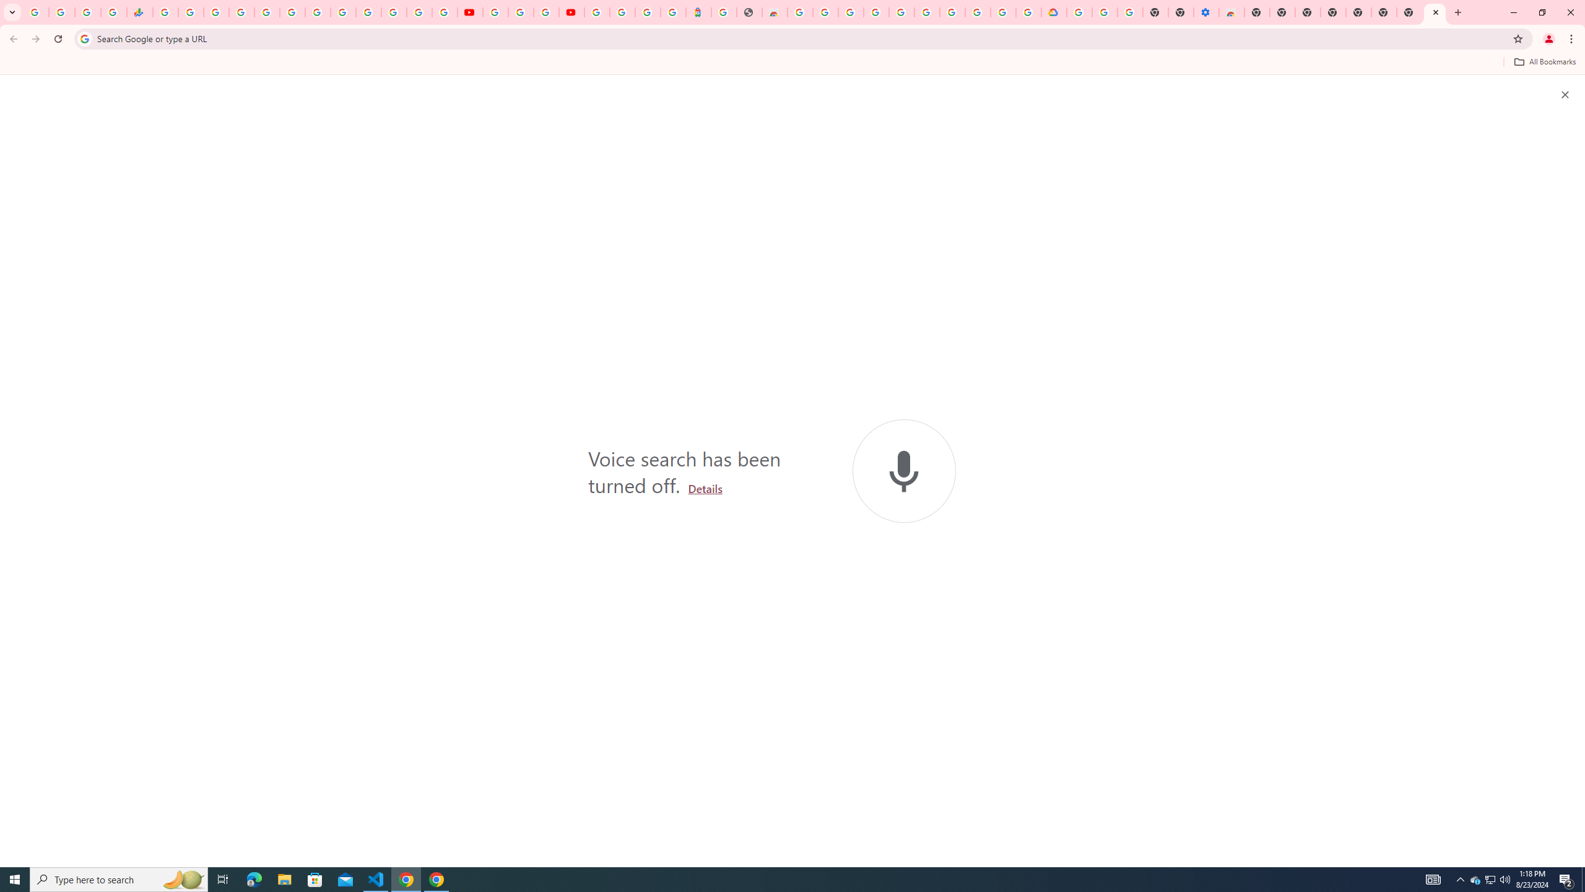 Image resolution: width=1585 pixels, height=892 pixels. Describe the element at coordinates (570, 12) in the screenshot. I see `'Content Creator Programs & Opportunities - YouTube Creators'` at that location.